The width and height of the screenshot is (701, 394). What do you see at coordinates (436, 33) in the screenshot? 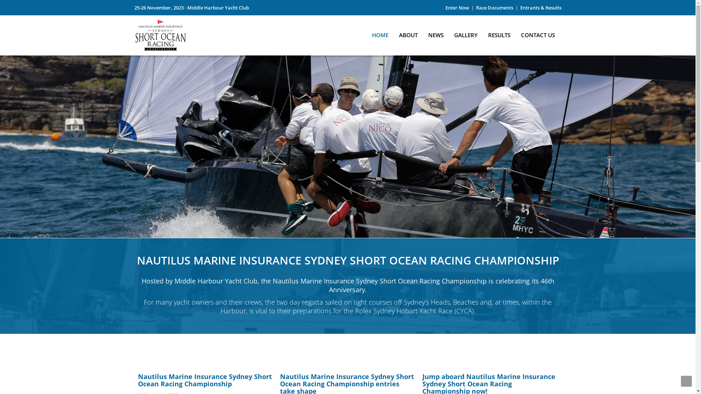
I see `'NEWS'` at bounding box center [436, 33].